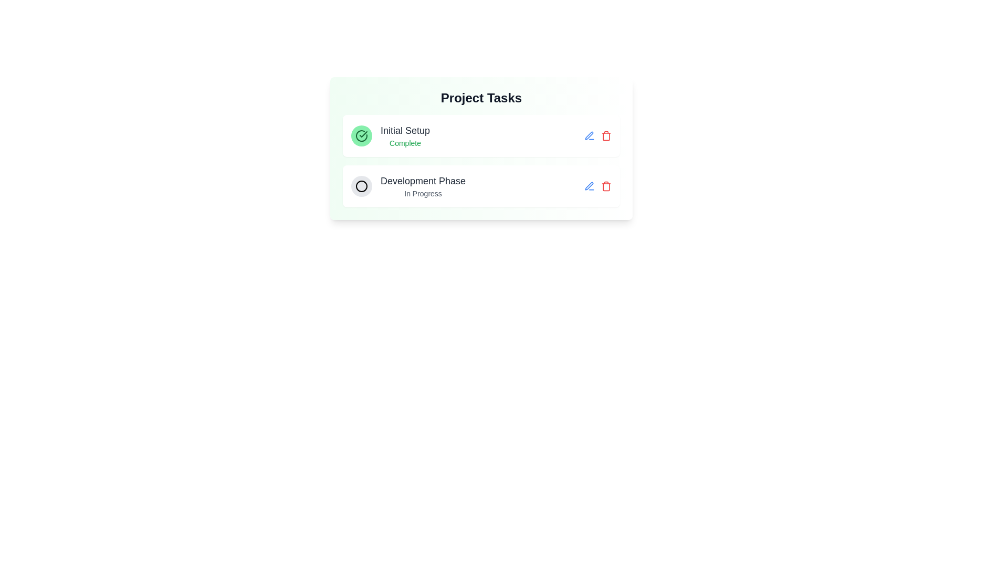 The width and height of the screenshot is (1008, 567). I want to click on the red trash bin icon in the top-right corner of the 'Development Phase' task card, so click(597, 185).